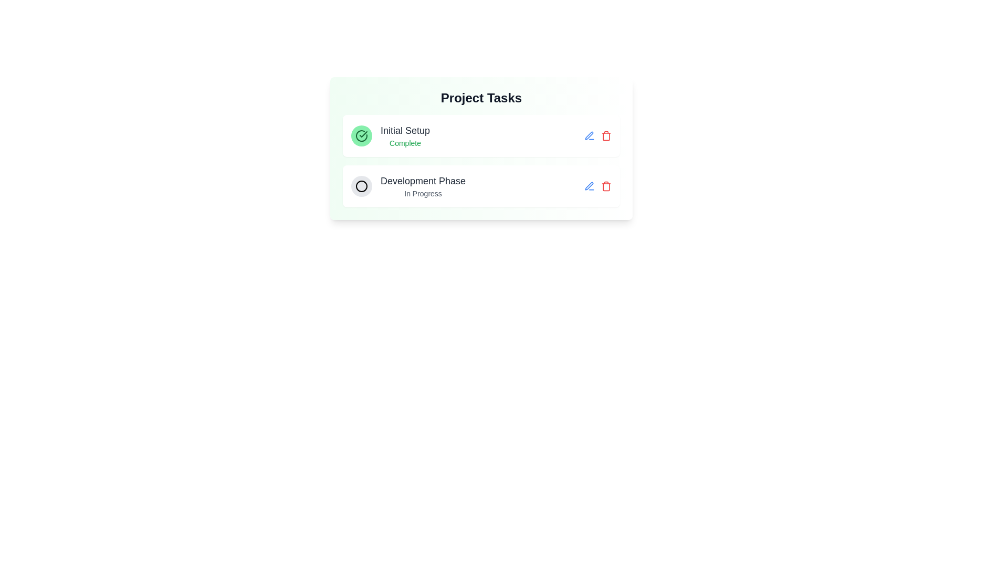 The width and height of the screenshot is (1008, 567). I want to click on the red trash bin icon in the top-right corner of the 'Development Phase' task card, so click(597, 185).